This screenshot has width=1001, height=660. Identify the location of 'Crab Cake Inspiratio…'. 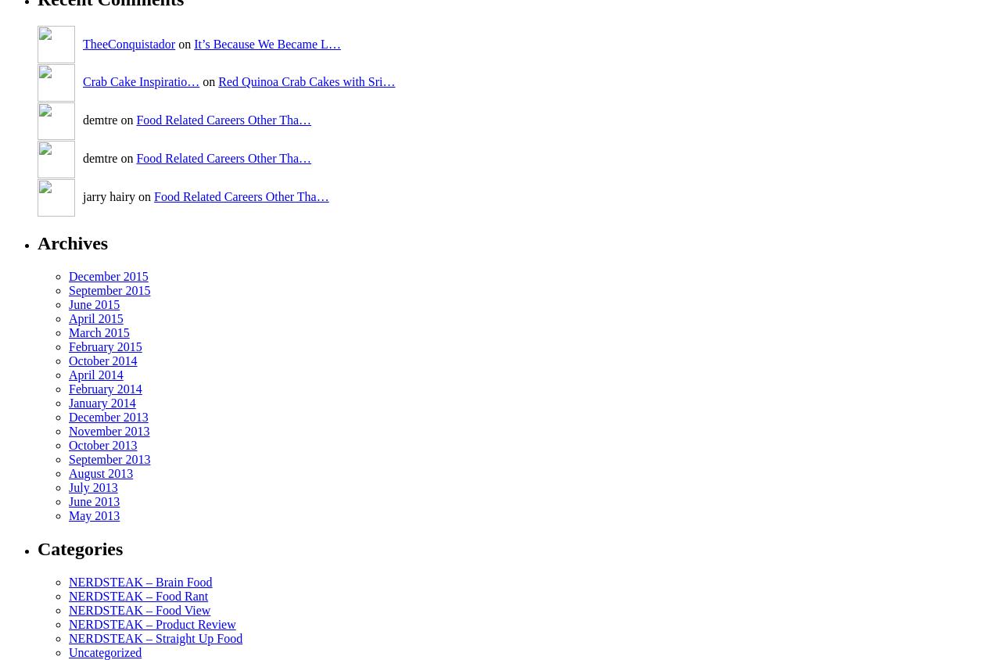
(141, 81).